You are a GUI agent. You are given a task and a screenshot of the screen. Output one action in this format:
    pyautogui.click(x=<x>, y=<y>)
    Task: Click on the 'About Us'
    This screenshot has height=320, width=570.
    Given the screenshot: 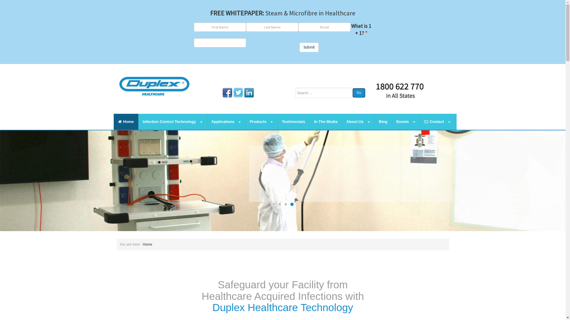 What is the action you would take?
    pyautogui.click(x=358, y=121)
    